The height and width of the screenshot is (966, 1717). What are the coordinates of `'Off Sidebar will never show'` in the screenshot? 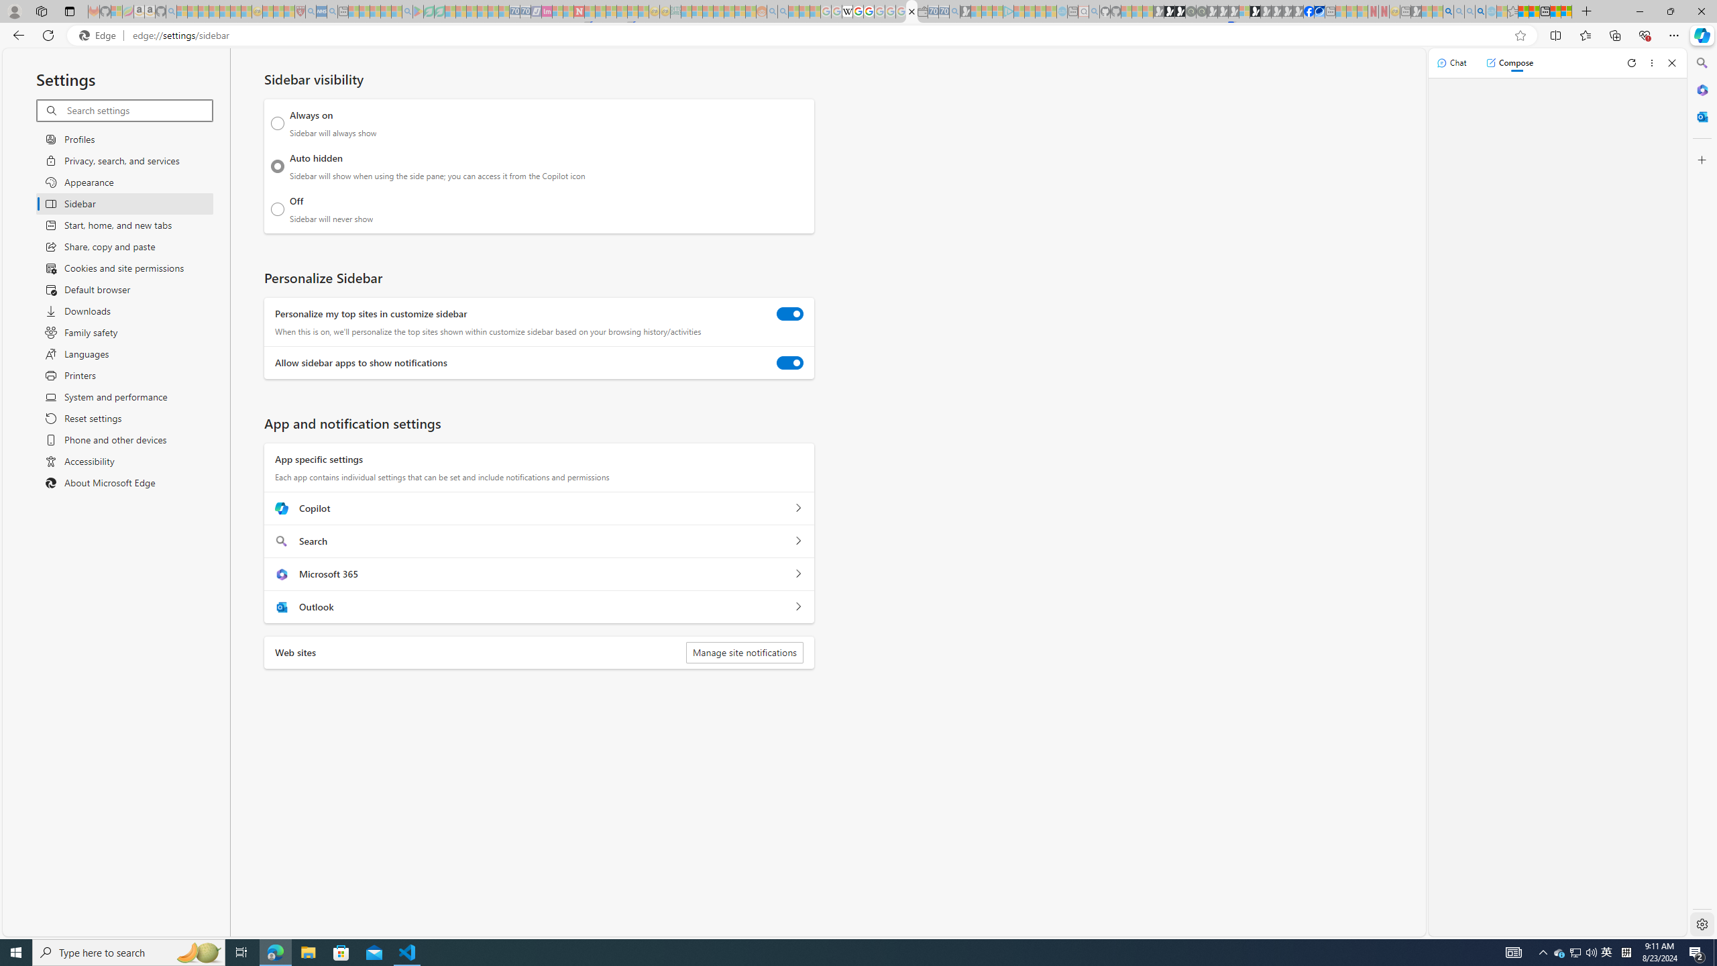 It's located at (277, 209).